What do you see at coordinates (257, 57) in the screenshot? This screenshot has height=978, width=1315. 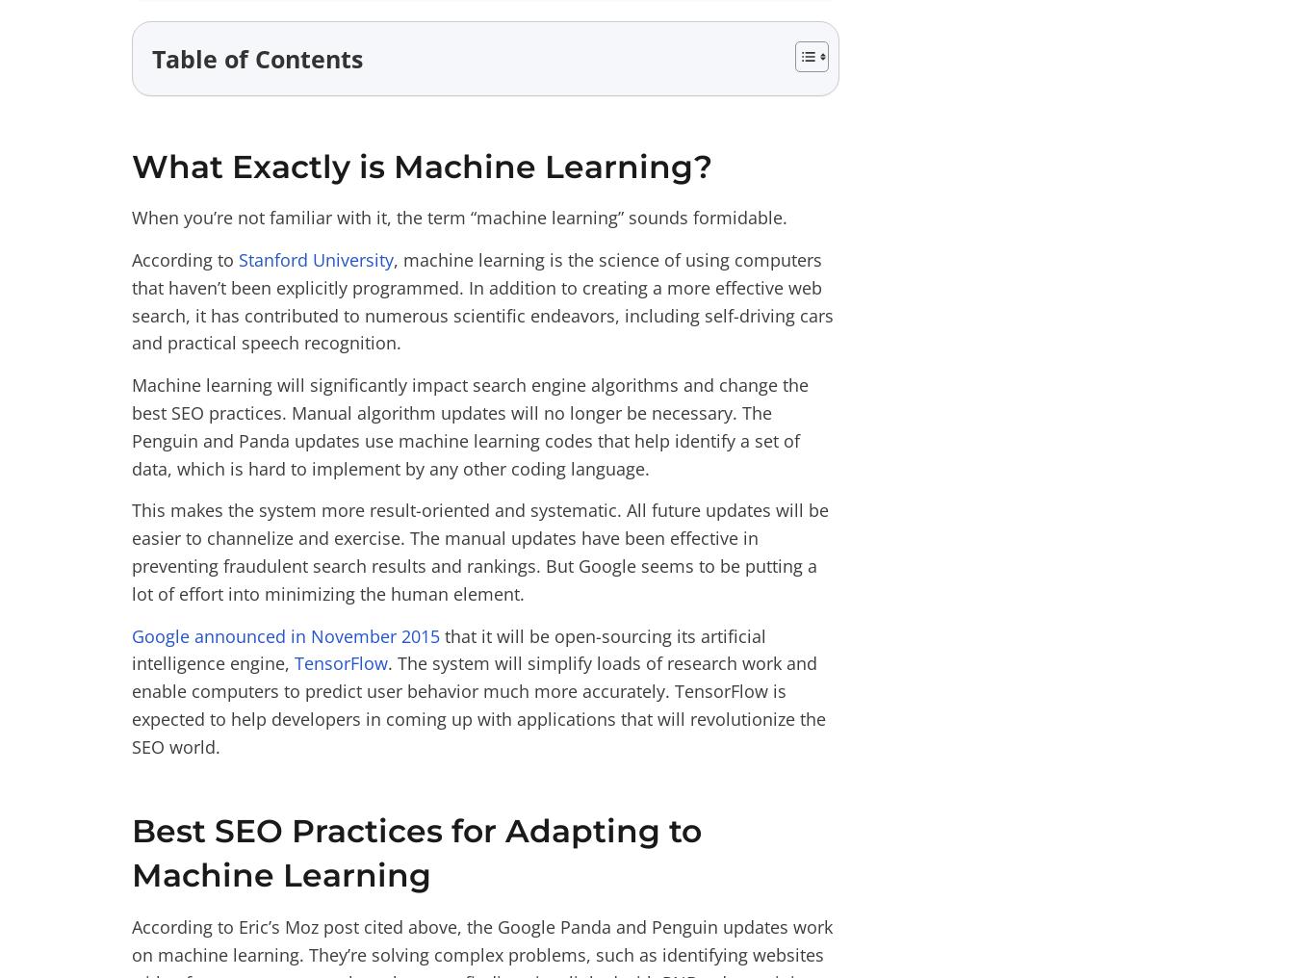 I see `'Table of Contents'` at bounding box center [257, 57].